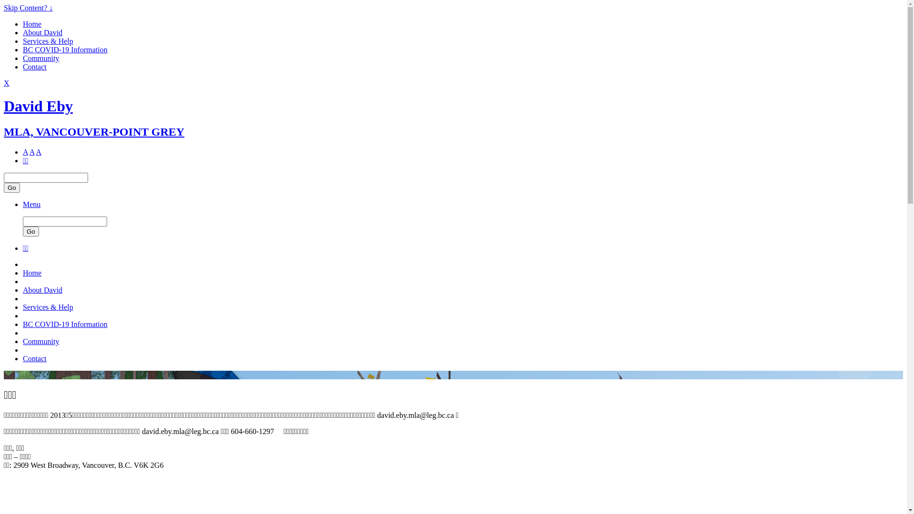  I want to click on 'Home', so click(32, 23).